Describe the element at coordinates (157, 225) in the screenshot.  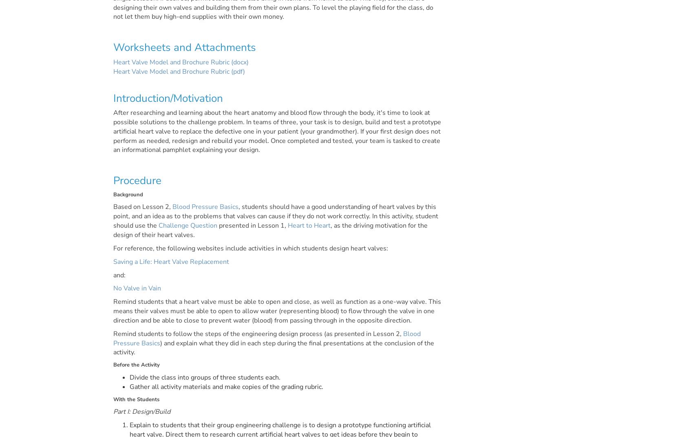
I see `'Challenge Question'` at that location.